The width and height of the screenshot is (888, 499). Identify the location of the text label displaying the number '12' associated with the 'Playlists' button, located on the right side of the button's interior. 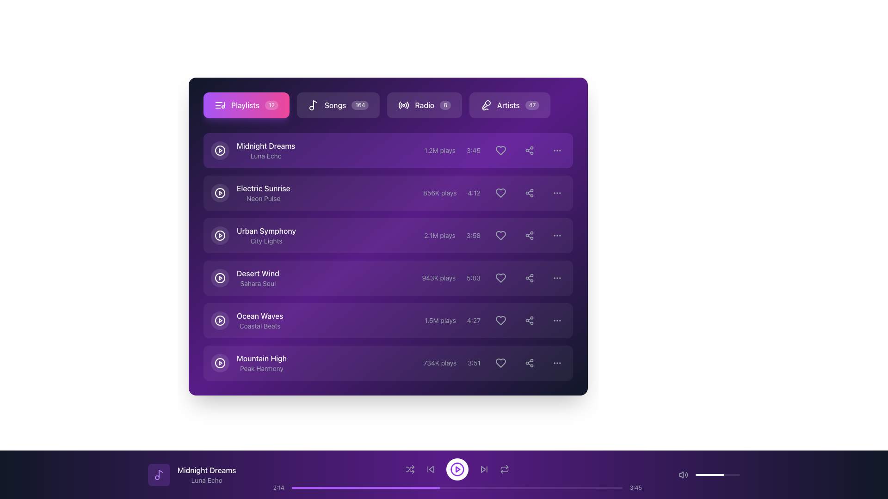
(271, 104).